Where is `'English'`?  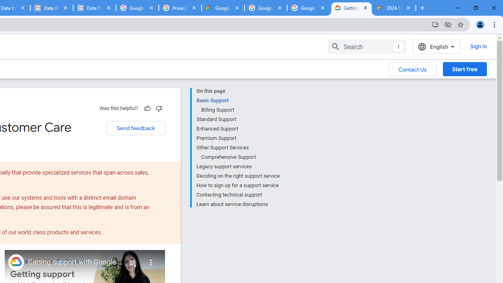
'English' is located at coordinates (436, 46).